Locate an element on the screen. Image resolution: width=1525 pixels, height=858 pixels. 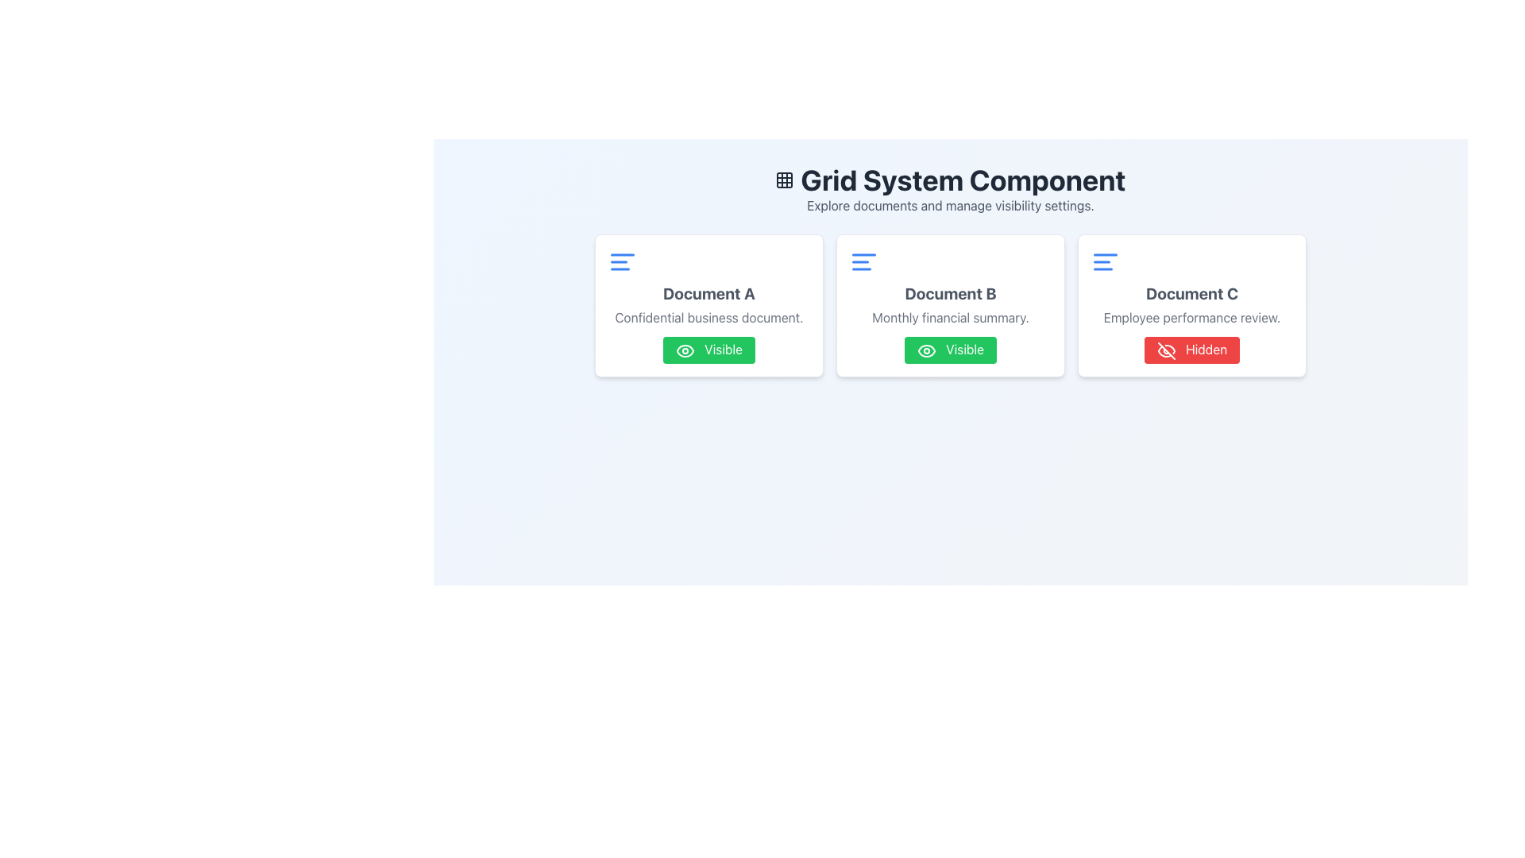
the eye icon indicating visibility status for 'Document B' within the green 'Visible' status badge is located at coordinates (926, 350).